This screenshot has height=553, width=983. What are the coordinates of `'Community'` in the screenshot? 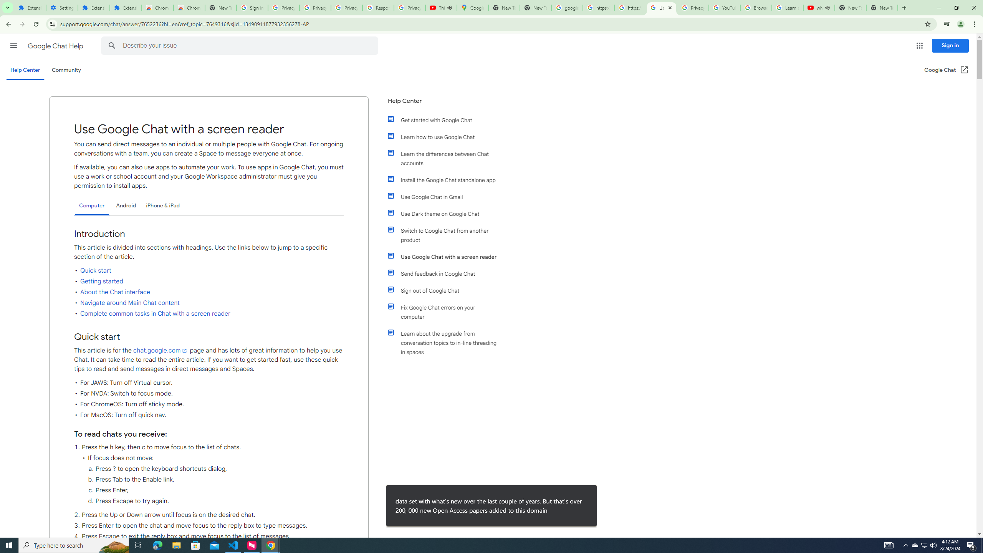 It's located at (66, 70).